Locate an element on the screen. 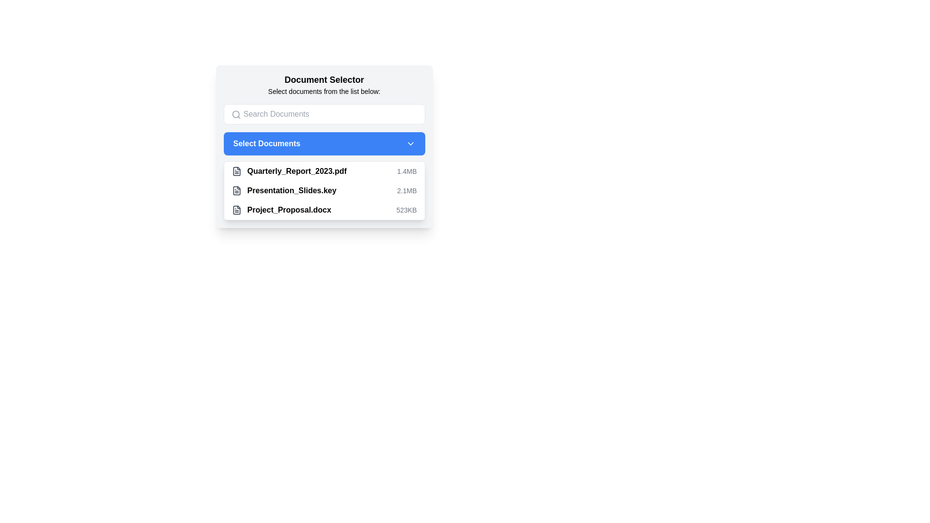  the text label that provides information about the size of the corresponding file, located at the right end of the second entry in the document list, following the filename 'Presentation_Slides.key' is located at coordinates (407, 190).